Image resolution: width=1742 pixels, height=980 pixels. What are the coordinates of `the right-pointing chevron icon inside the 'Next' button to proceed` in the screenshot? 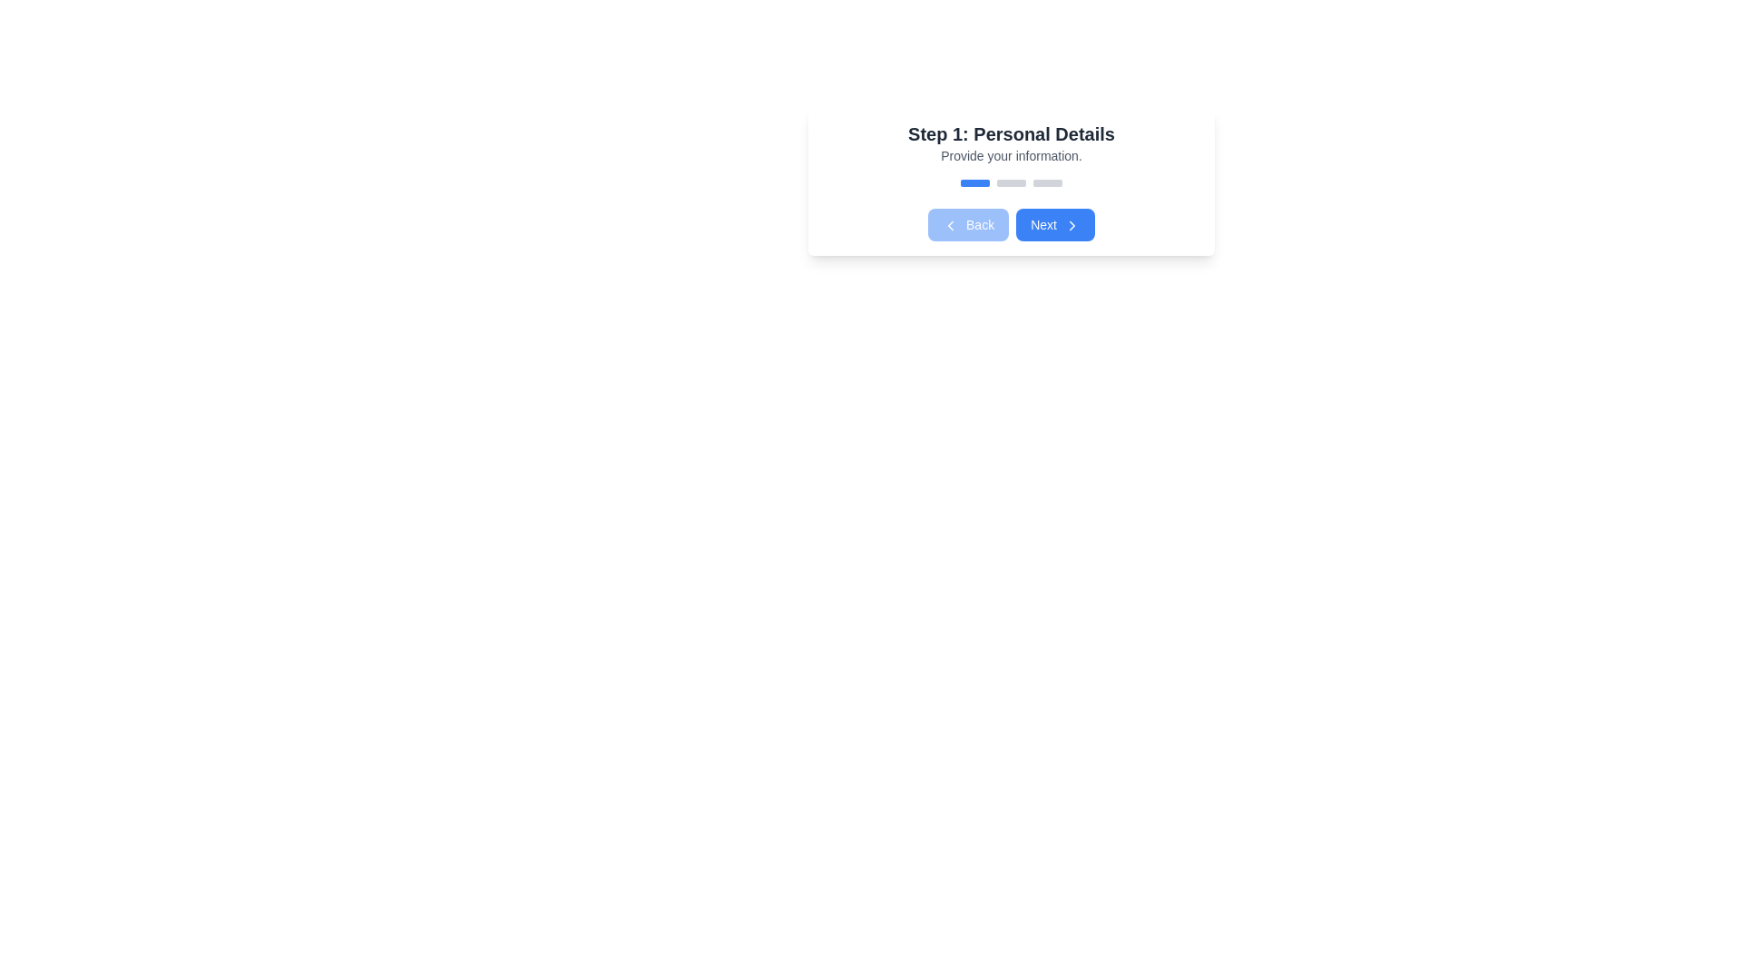 It's located at (1072, 225).